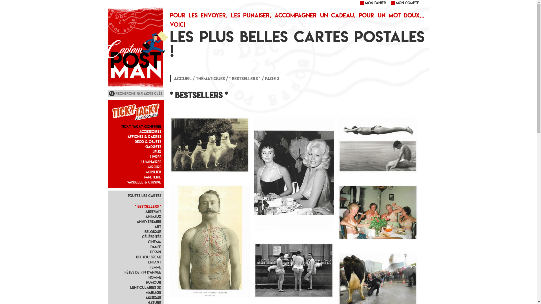 This screenshot has height=304, width=541. Describe the element at coordinates (154, 282) in the screenshot. I see `'Humour'` at that location.